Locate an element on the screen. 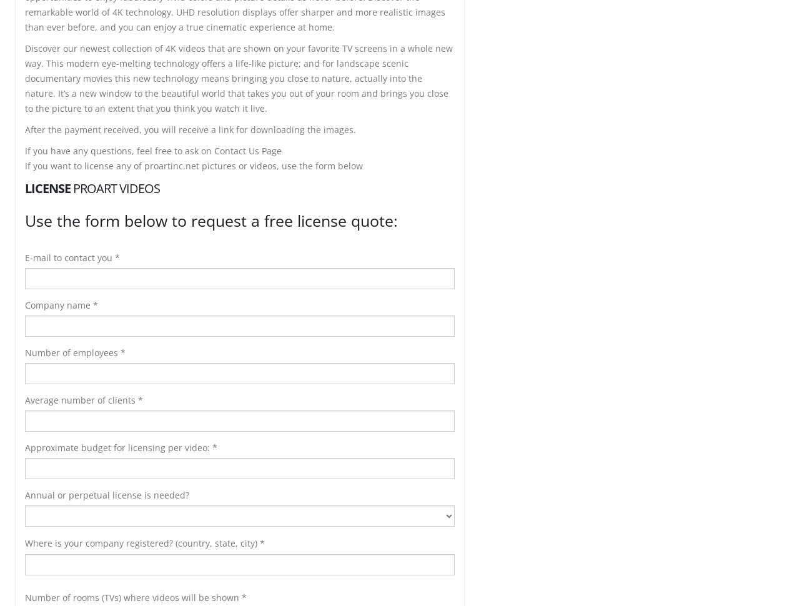 This screenshot has height=606, width=797. 'Where is your company registered? (country, state, city) *' is located at coordinates (144, 542).